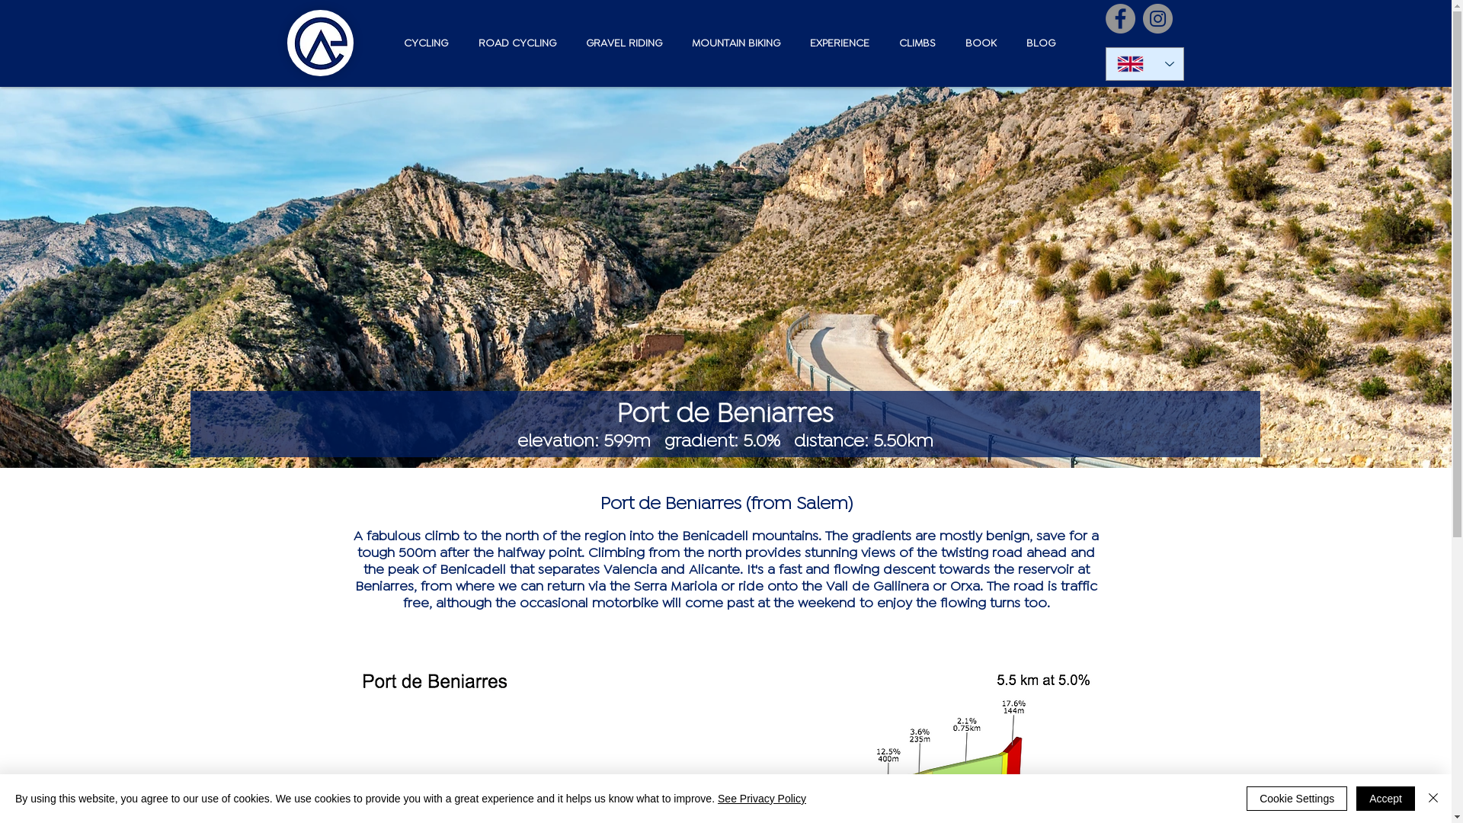 The width and height of the screenshot is (1463, 823). What do you see at coordinates (834, 43) in the screenshot?
I see `'EXPERIENCE'` at bounding box center [834, 43].